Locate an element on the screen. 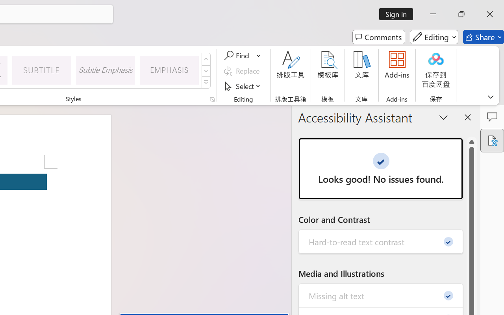 The image size is (504, 315). 'Sign in' is located at coordinates (399, 14).